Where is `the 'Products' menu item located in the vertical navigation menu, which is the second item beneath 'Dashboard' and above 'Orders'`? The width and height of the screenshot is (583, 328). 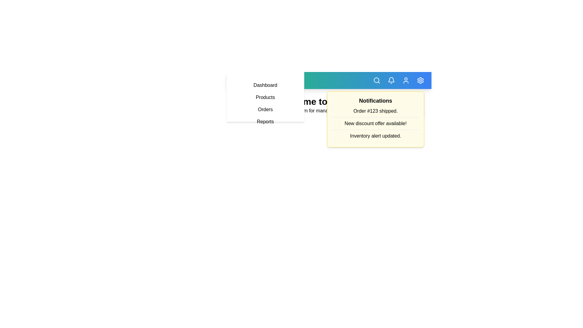
the 'Products' menu item located in the vertical navigation menu, which is the second item beneath 'Dashboard' and above 'Orders' is located at coordinates (265, 97).